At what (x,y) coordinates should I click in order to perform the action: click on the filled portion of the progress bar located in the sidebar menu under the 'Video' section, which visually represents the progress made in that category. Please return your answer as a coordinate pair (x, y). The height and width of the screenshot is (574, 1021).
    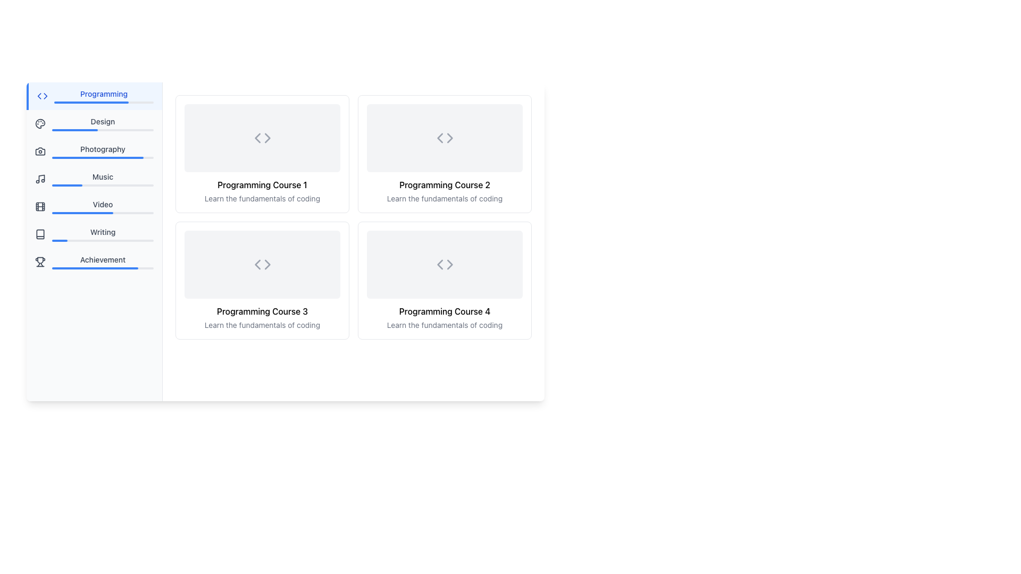
    Looking at the image, I should click on (82, 213).